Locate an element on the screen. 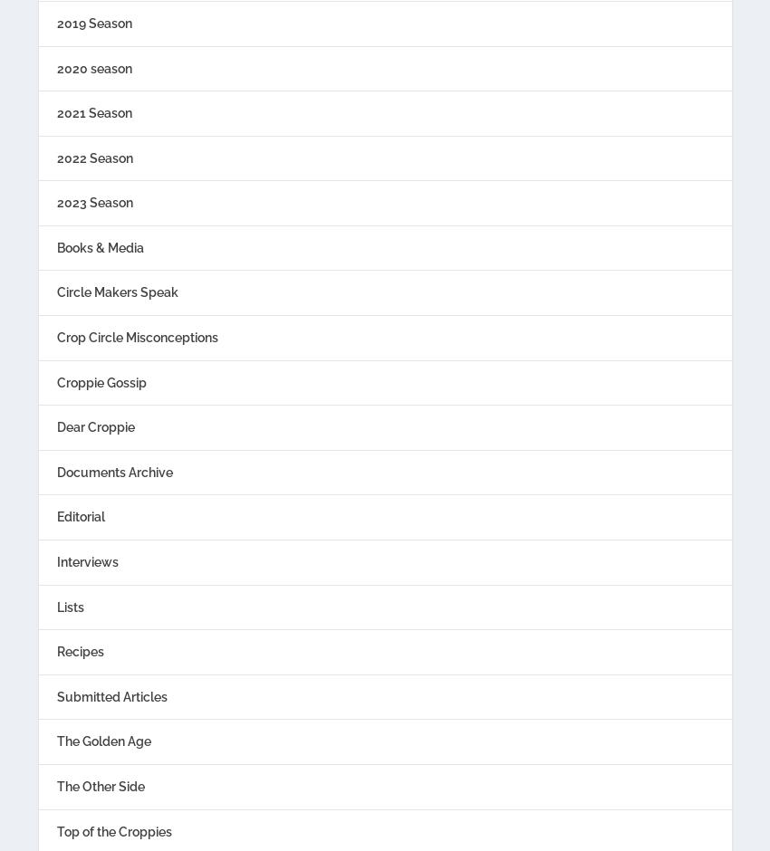  '2020 season' is located at coordinates (92, 67).